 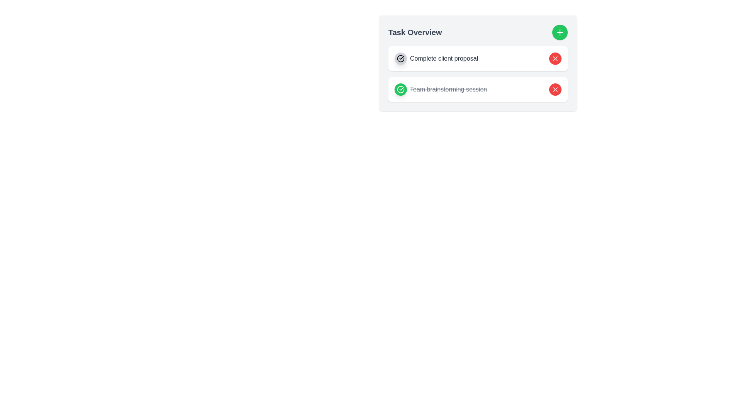 What do you see at coordinates (555, 89) in the screenshot?
I see `the delete button associated with the task labeled 'Team brainstorming session' located on the far right side of the second task row in the 'Task Overview' section` at bounding box center [555, 89].